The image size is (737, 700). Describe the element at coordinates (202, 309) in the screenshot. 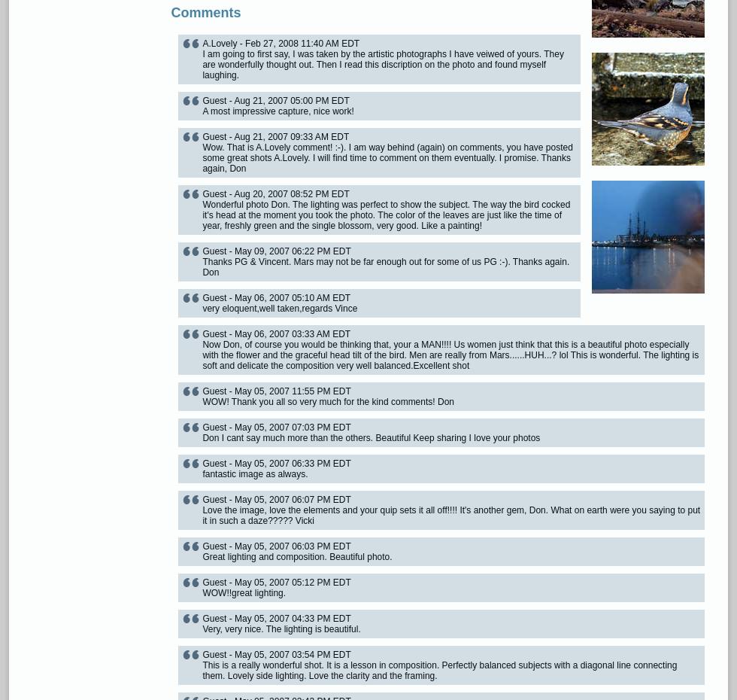

I see `'very eloquent,well taken,regards Vince'` at that location.